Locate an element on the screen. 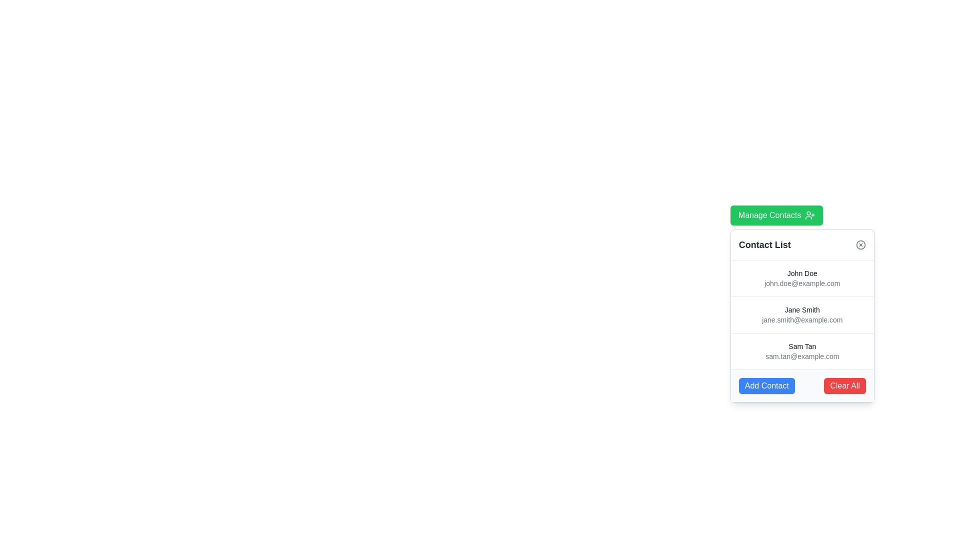  the 'add user' icon in the green 'Manage Contacts' button located at the top right of the contact management interface is located at coordinates (810, 215).